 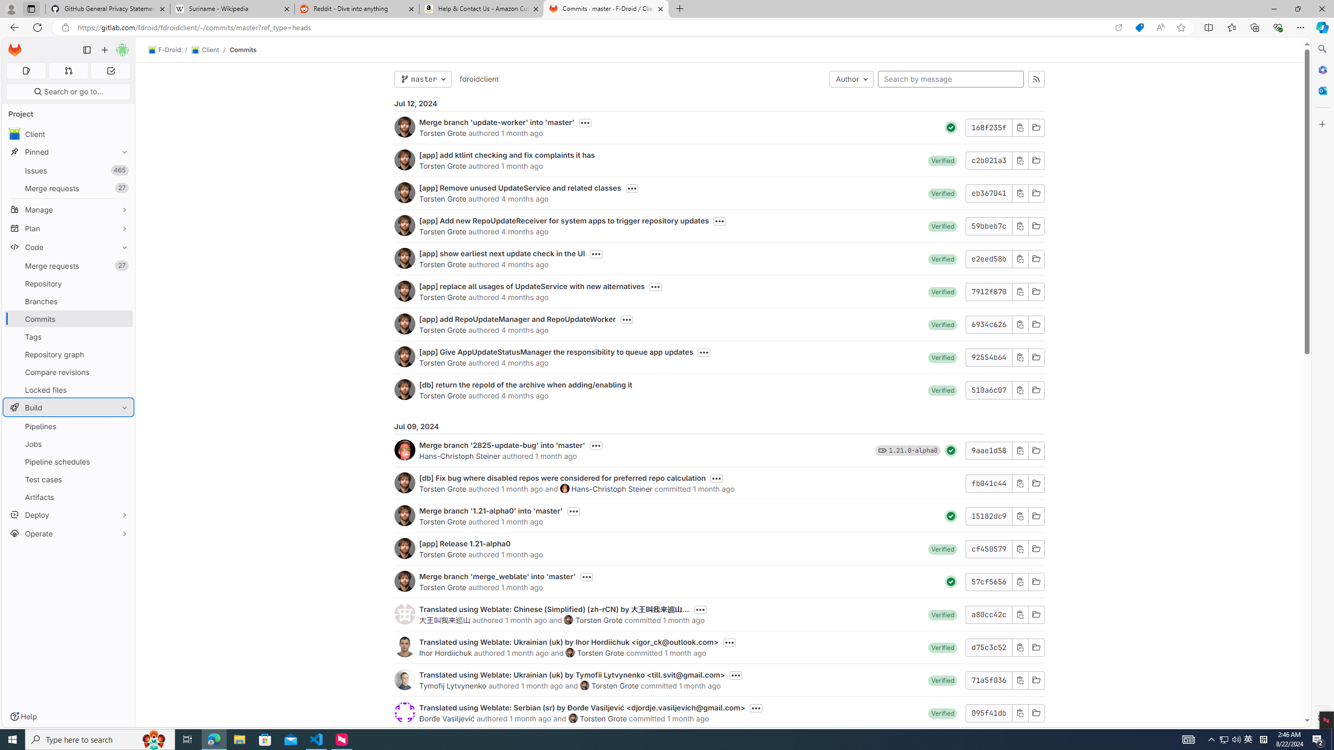 I want to click on 'Client', so click(x=204, y=49).